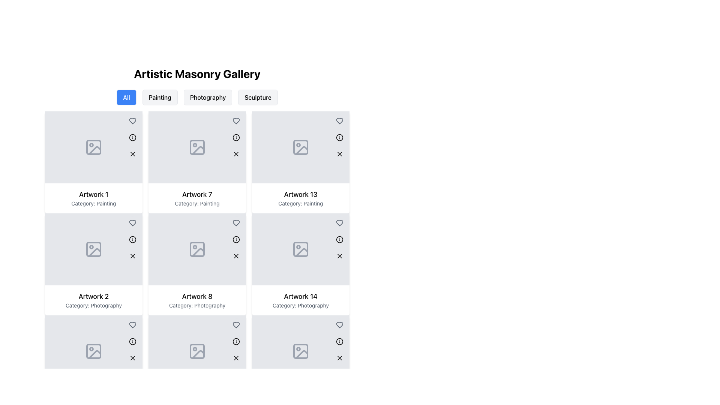 The height and width of the screenshot is (405, 720). I want to click on the Image Placeholder Icon located in the lower-left corner of the 'Artwork 2 Category: Photography' tile, which features a thin gray outline and rounded corners, so click(93, 351).